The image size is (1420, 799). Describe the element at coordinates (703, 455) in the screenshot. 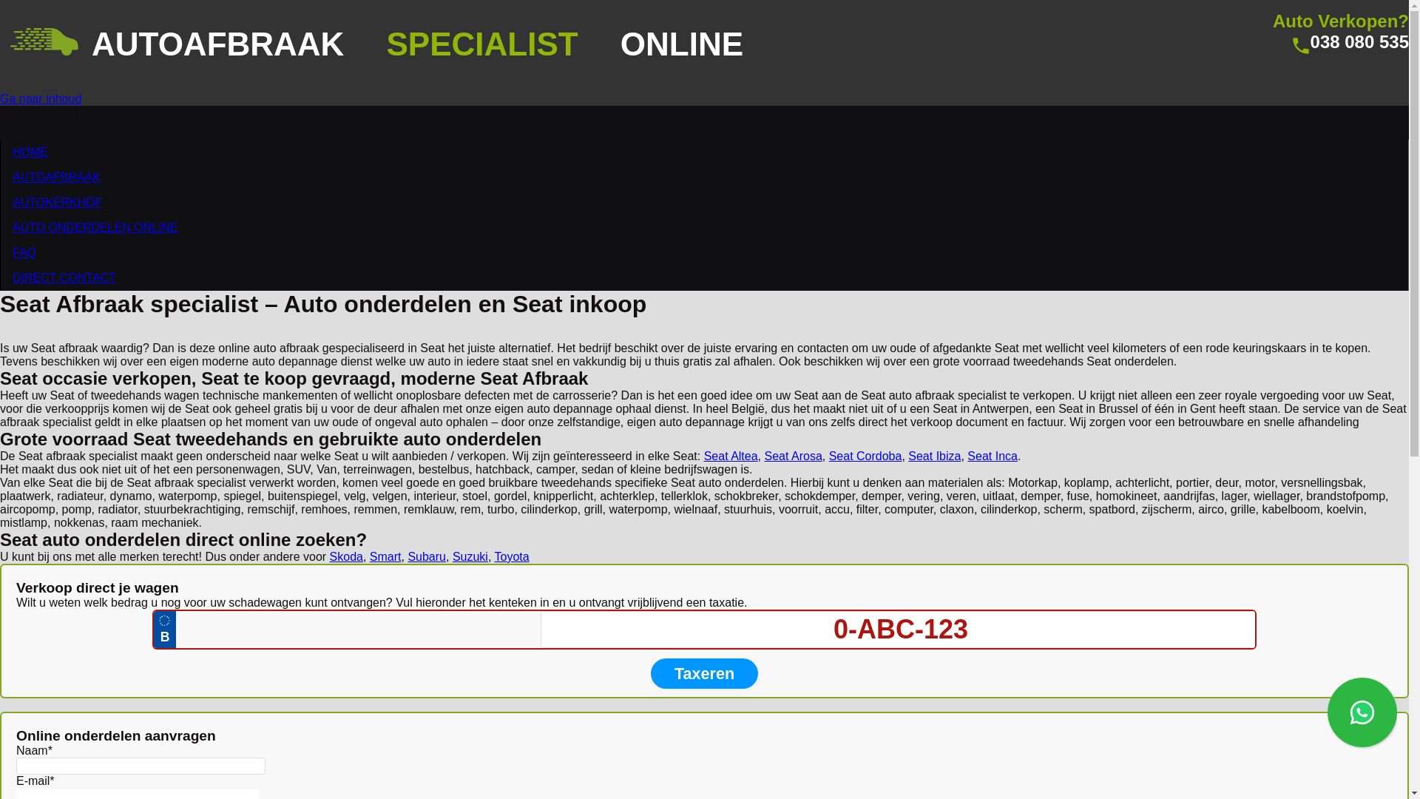

I see `'Seat Altea'` at that location.